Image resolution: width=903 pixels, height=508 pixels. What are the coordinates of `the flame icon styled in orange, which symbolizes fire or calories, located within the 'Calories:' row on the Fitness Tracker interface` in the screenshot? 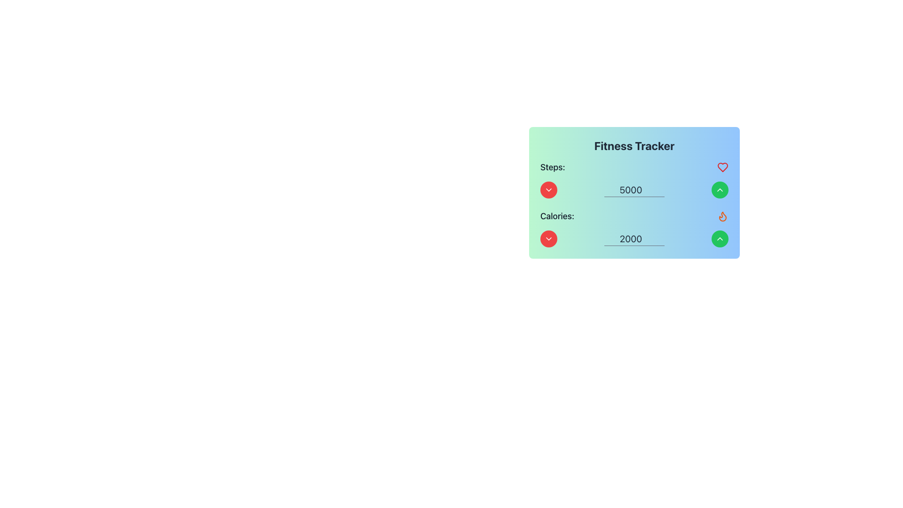 It's located at (722, 216).